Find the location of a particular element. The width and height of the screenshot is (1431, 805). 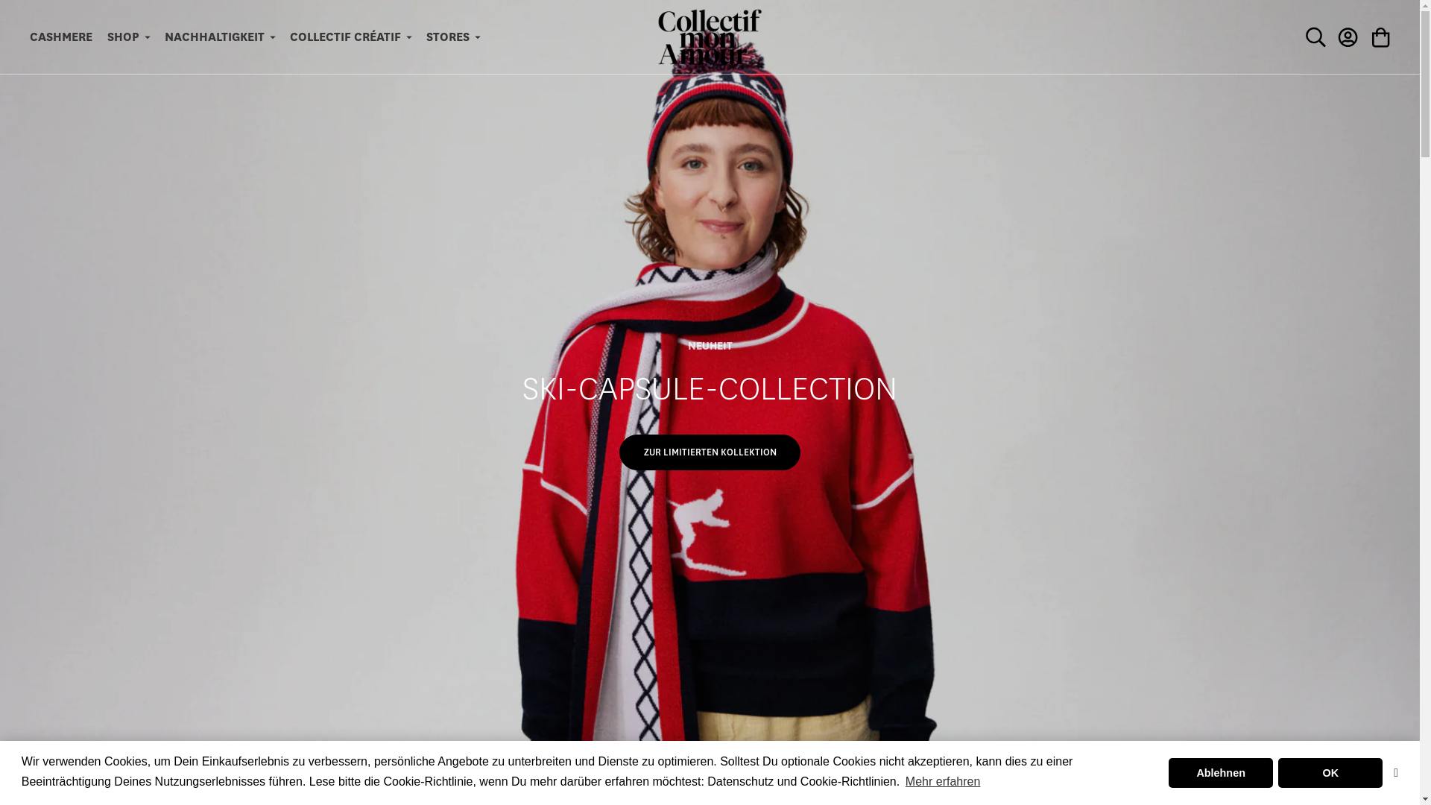

'OK' is located at coordinates (1330, 772).